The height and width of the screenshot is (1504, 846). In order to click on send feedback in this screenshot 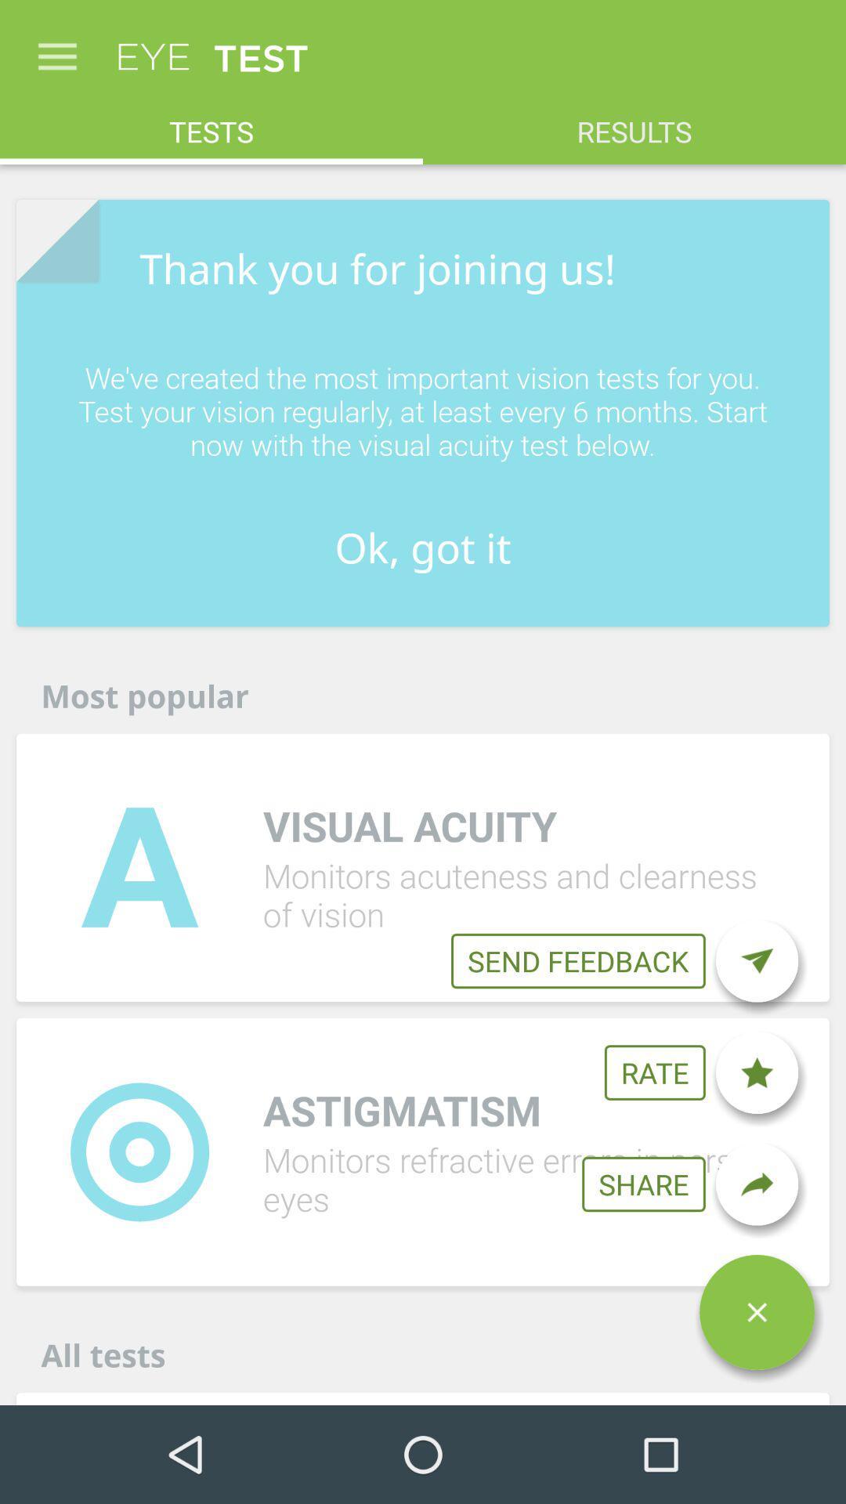, I will do `click(756, 960)`.